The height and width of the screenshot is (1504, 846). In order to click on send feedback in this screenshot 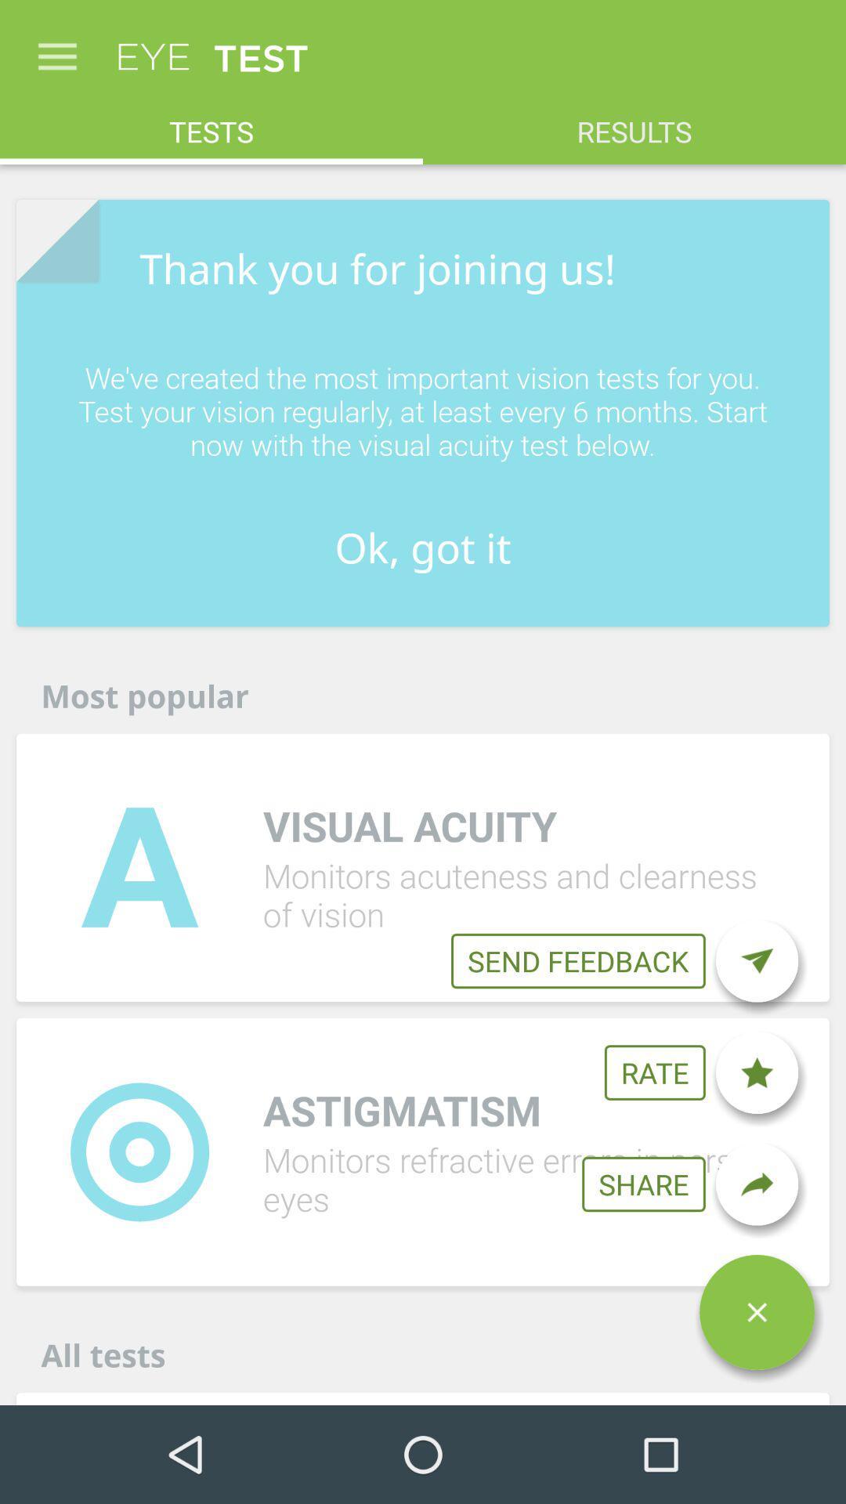, I will do `click(756, 960)`.